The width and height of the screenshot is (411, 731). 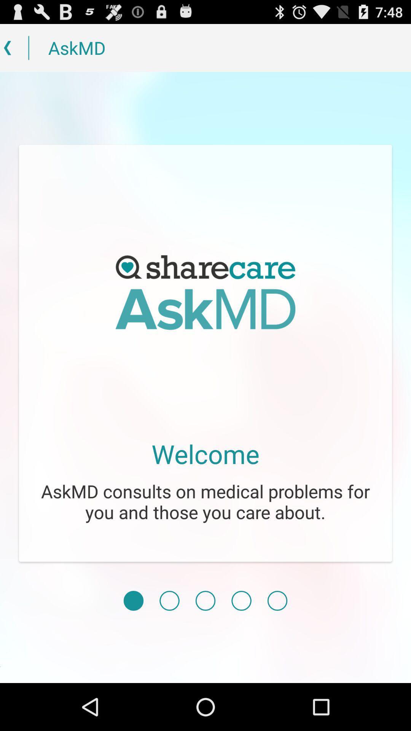 What do you see at coordinates (241, 600) in the screenshot?
I see `item below askmd consults on` at bounding box center [241, 600].